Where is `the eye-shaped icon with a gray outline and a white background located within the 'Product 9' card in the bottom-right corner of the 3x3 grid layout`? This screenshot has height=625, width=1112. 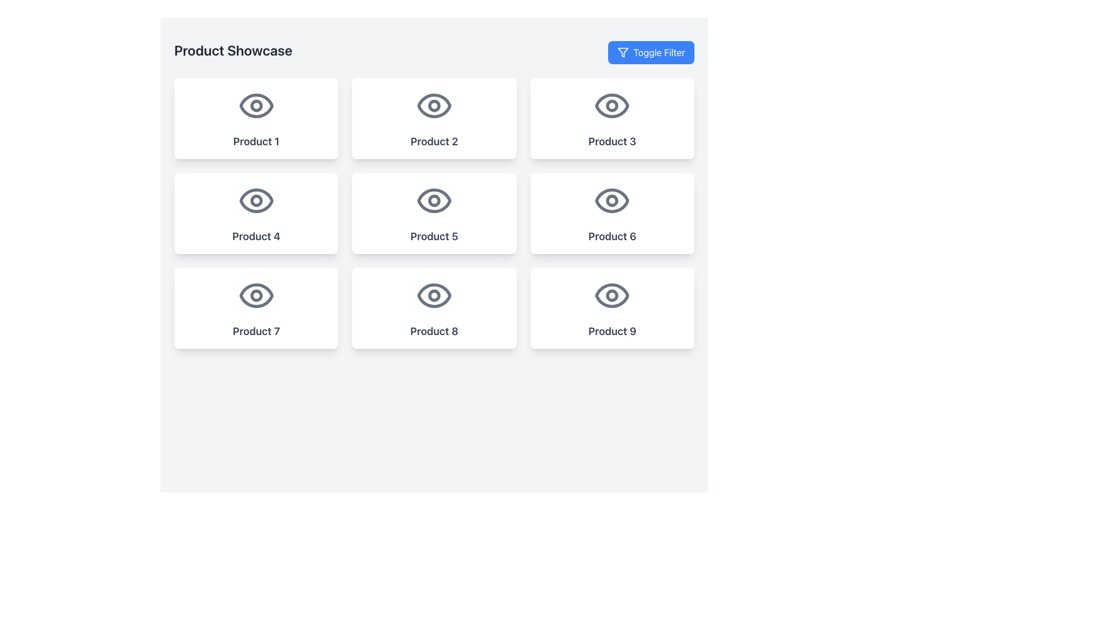
the eye-shaped icon with a gray outline and a white background located within the 'Product 9' card in the bottom-right corner of the 3x3 grid layout is located at coordinates (611, 295).